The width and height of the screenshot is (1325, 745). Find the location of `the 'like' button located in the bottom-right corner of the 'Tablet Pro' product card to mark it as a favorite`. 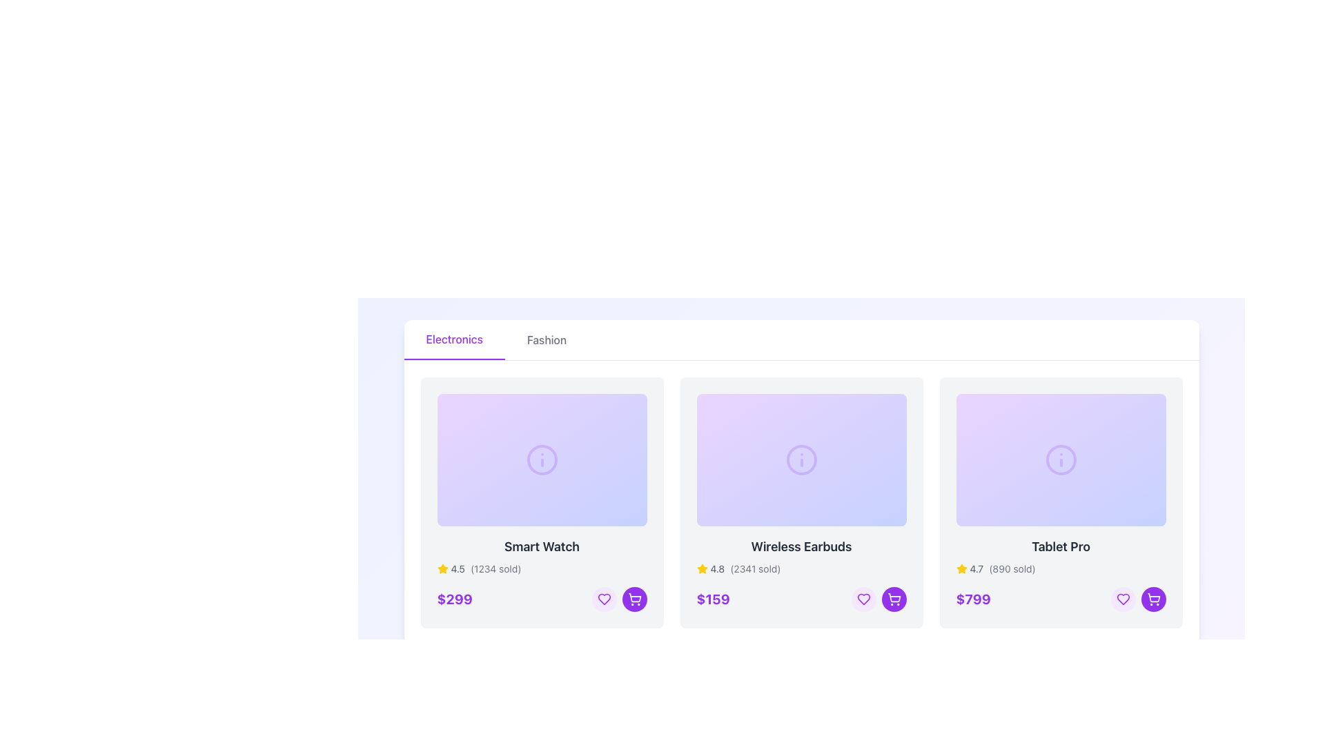

the 'like' button located in the bottom-right corner of the 'Tablet Pro' product card to mark it as a favorite is located at coordinates (1123, 598).